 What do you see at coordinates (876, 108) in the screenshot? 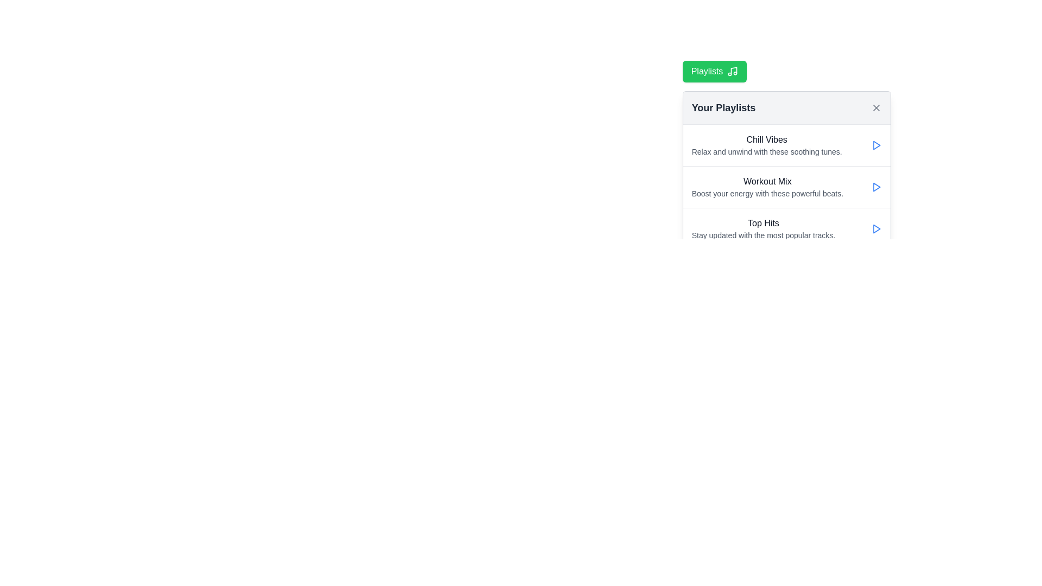
I see `the diagonal cross icon located in the upper-right corner of the card containing the text 'Your Playlists'` at bounding box center [876, 108].